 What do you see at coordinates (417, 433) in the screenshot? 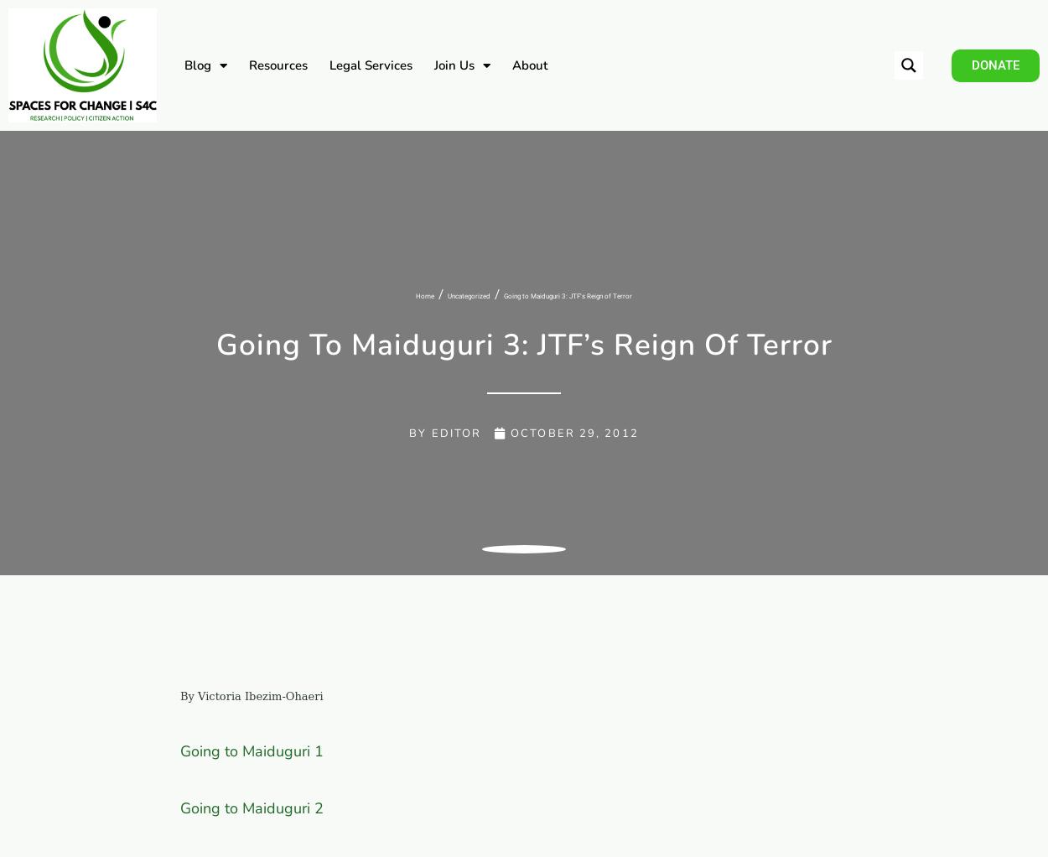
I see `'By'` at bounding box center [417, 433].